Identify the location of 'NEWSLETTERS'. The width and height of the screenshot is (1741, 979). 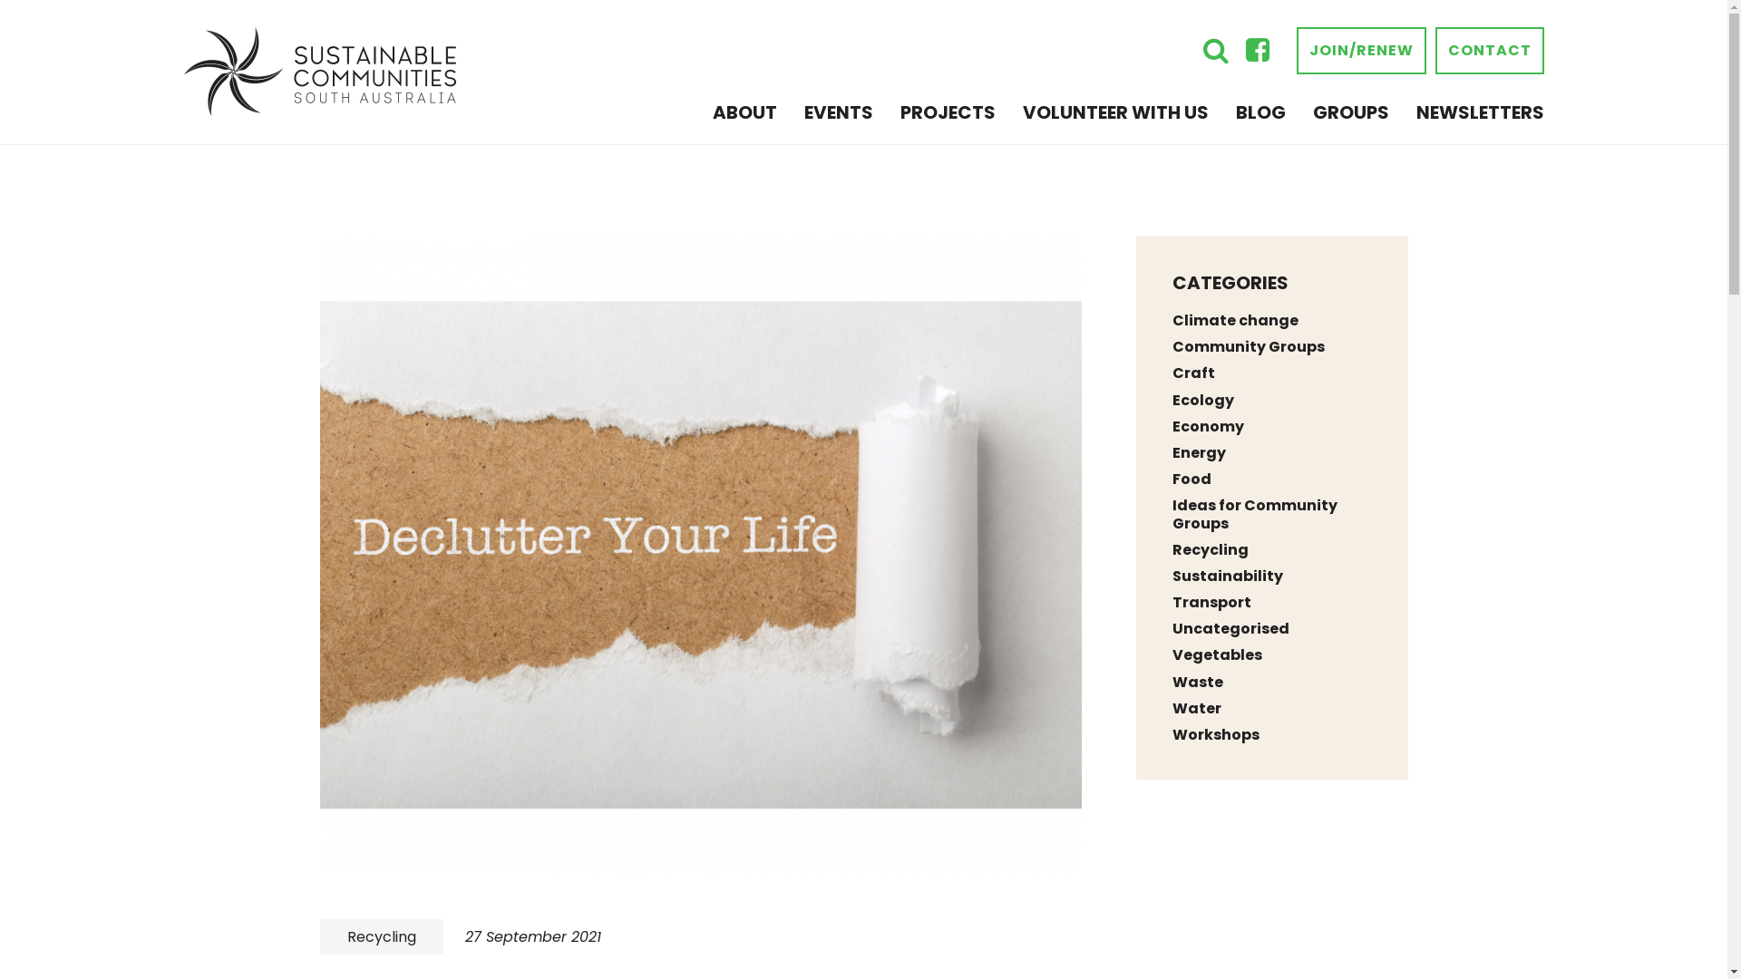
(1415, 111).